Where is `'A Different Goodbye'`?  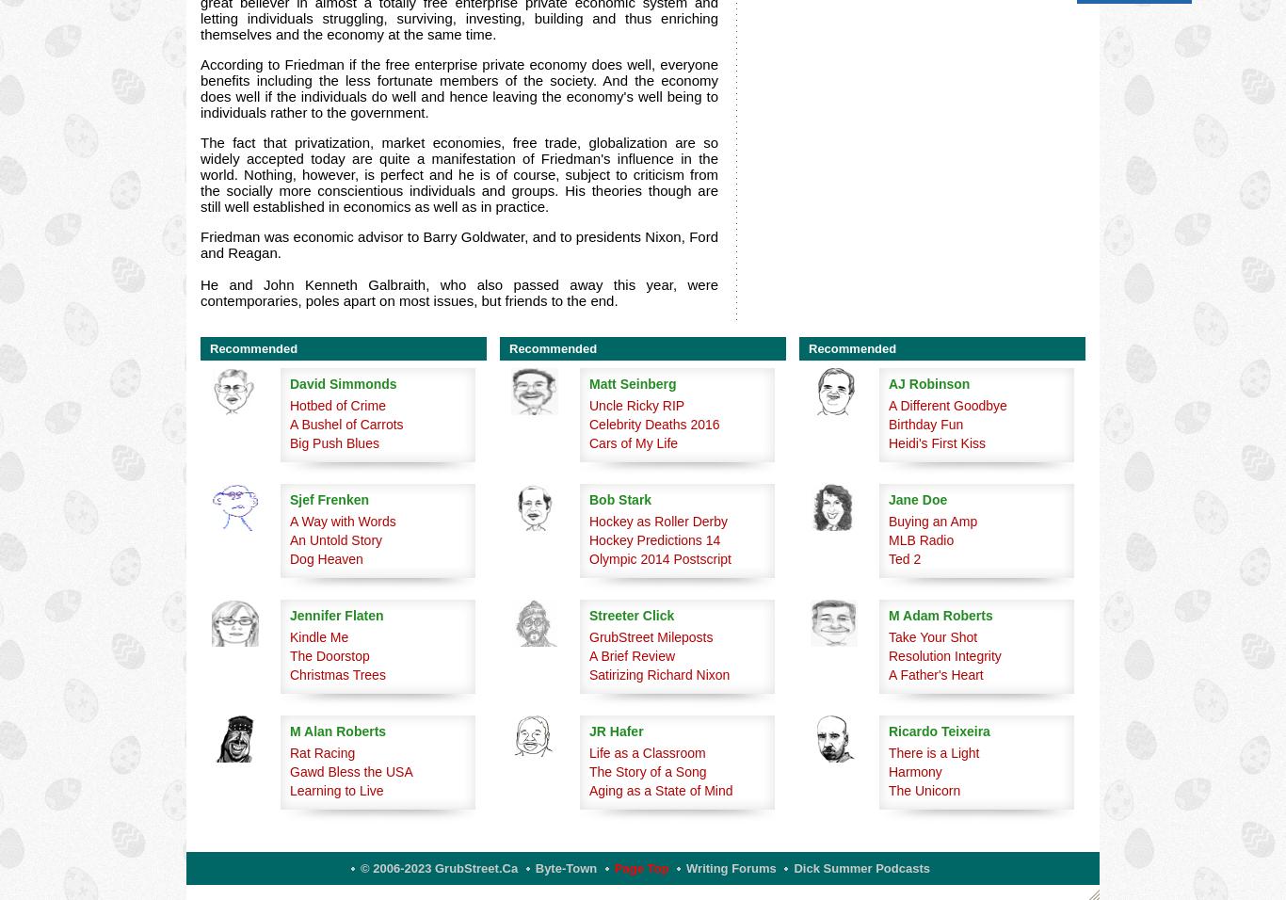
'A Different Goodbye' is located at coordinates (947, 405).